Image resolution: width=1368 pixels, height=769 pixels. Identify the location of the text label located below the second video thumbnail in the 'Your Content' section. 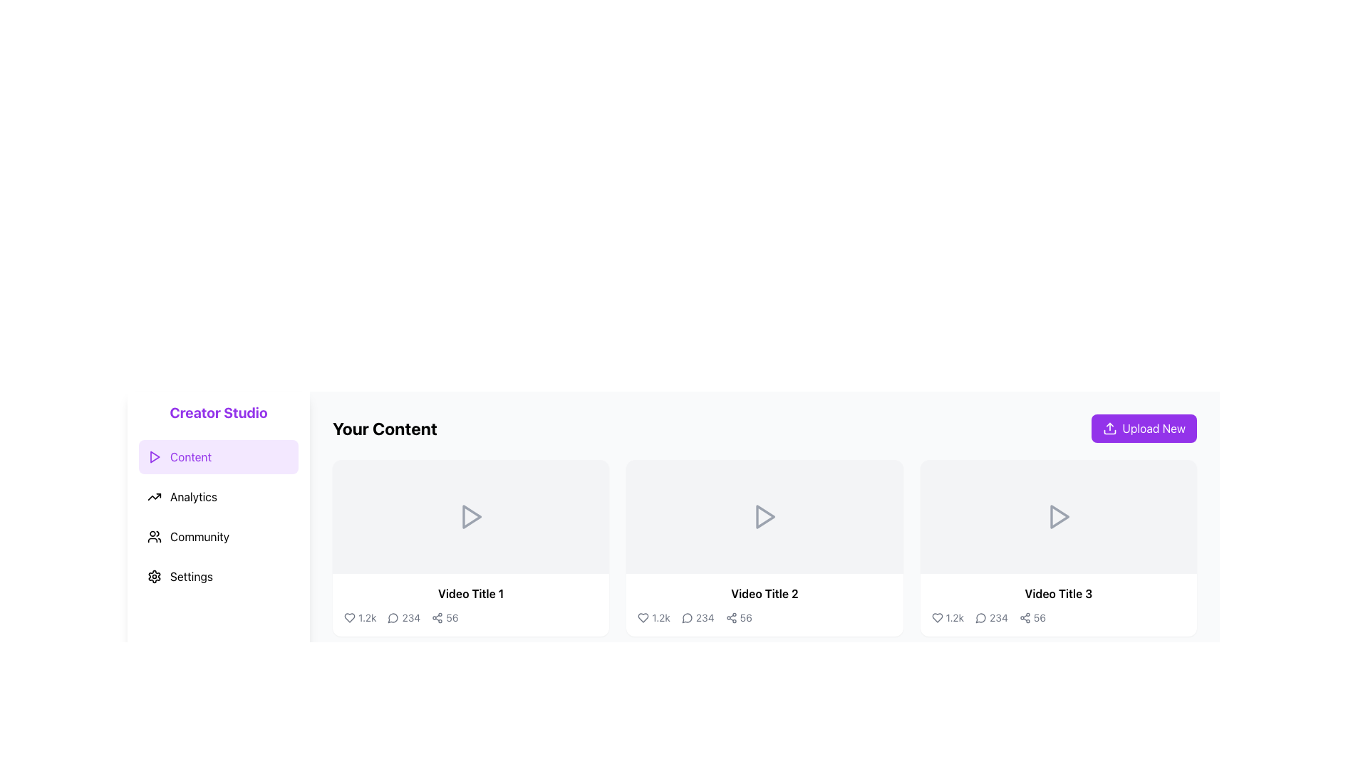
(764, 593).